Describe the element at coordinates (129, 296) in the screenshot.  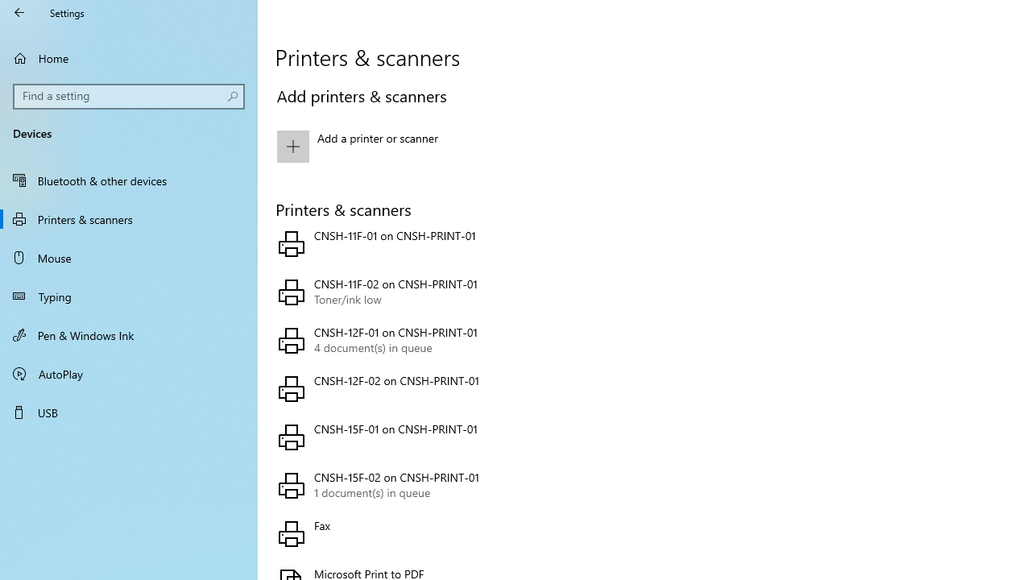
I see `'Typing'` at that location.